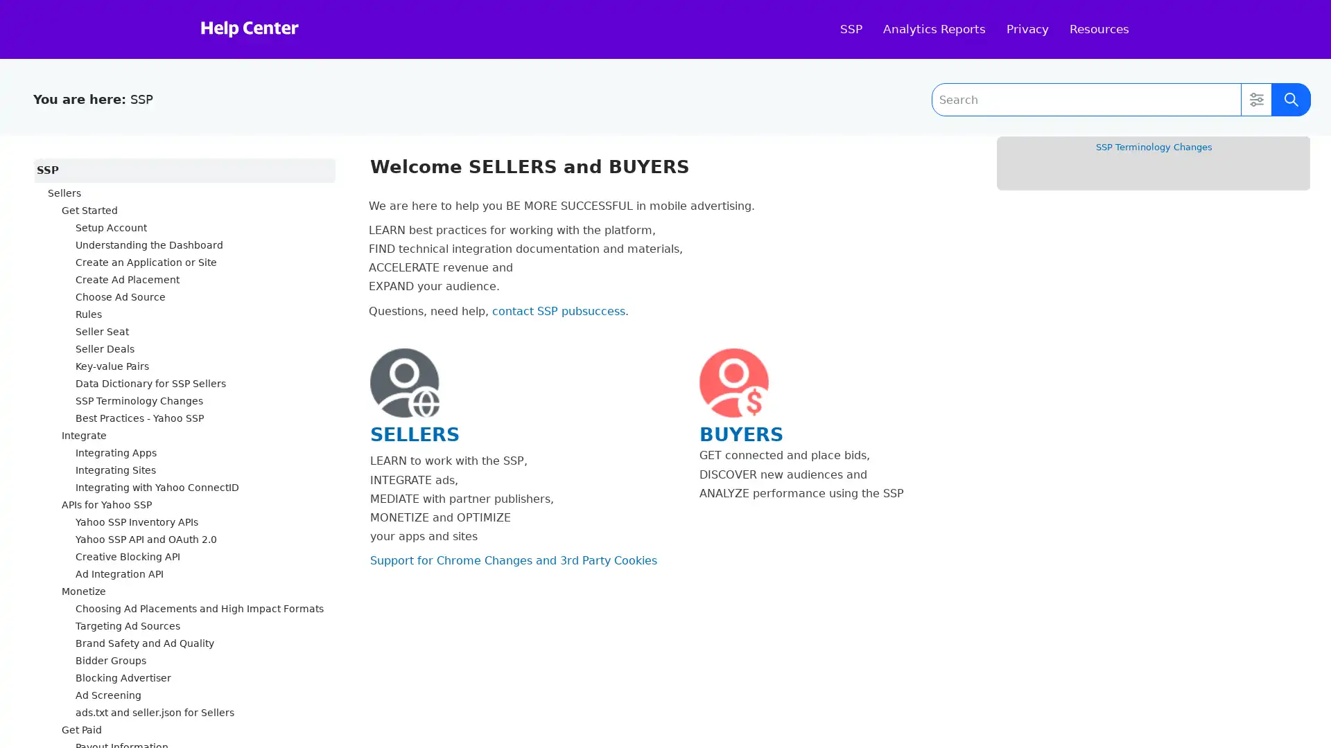  What do you see at coordinates (1290, 98) in the screenshot?
I see `Submit Search` at bounding box center [1290, 98].